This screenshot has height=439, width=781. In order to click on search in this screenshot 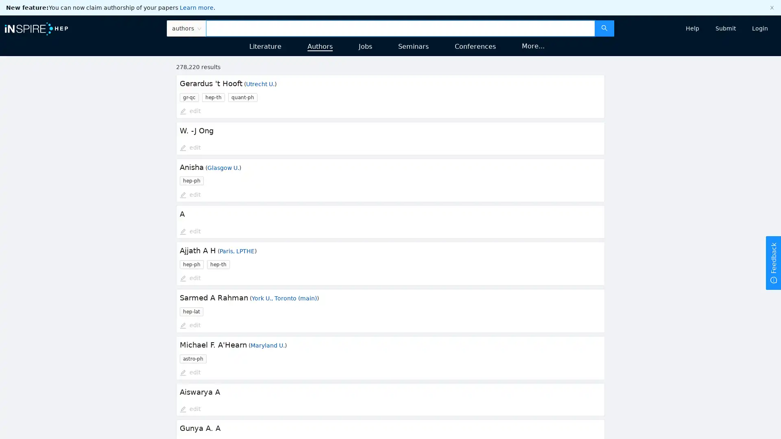, I will do `click(604, 28)`.